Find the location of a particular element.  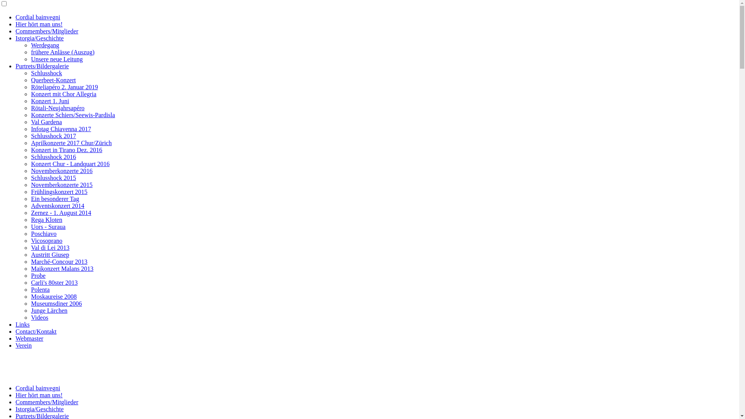

'Poschiavo' is located at coordinates (43, 233).